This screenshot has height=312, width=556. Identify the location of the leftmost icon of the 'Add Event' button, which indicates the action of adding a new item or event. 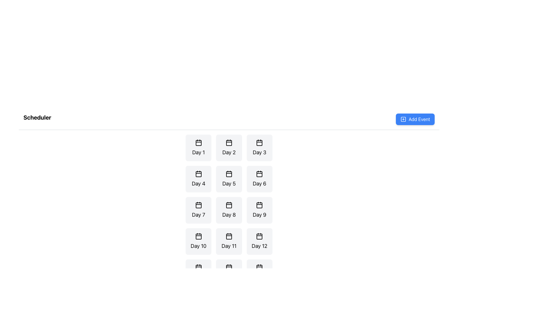
(403, 119).